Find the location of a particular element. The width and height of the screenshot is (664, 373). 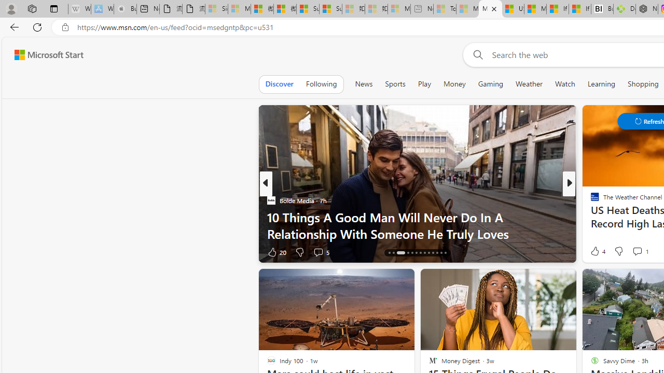

'AutomationID: tab-23' is located at coordinates (432, 253).